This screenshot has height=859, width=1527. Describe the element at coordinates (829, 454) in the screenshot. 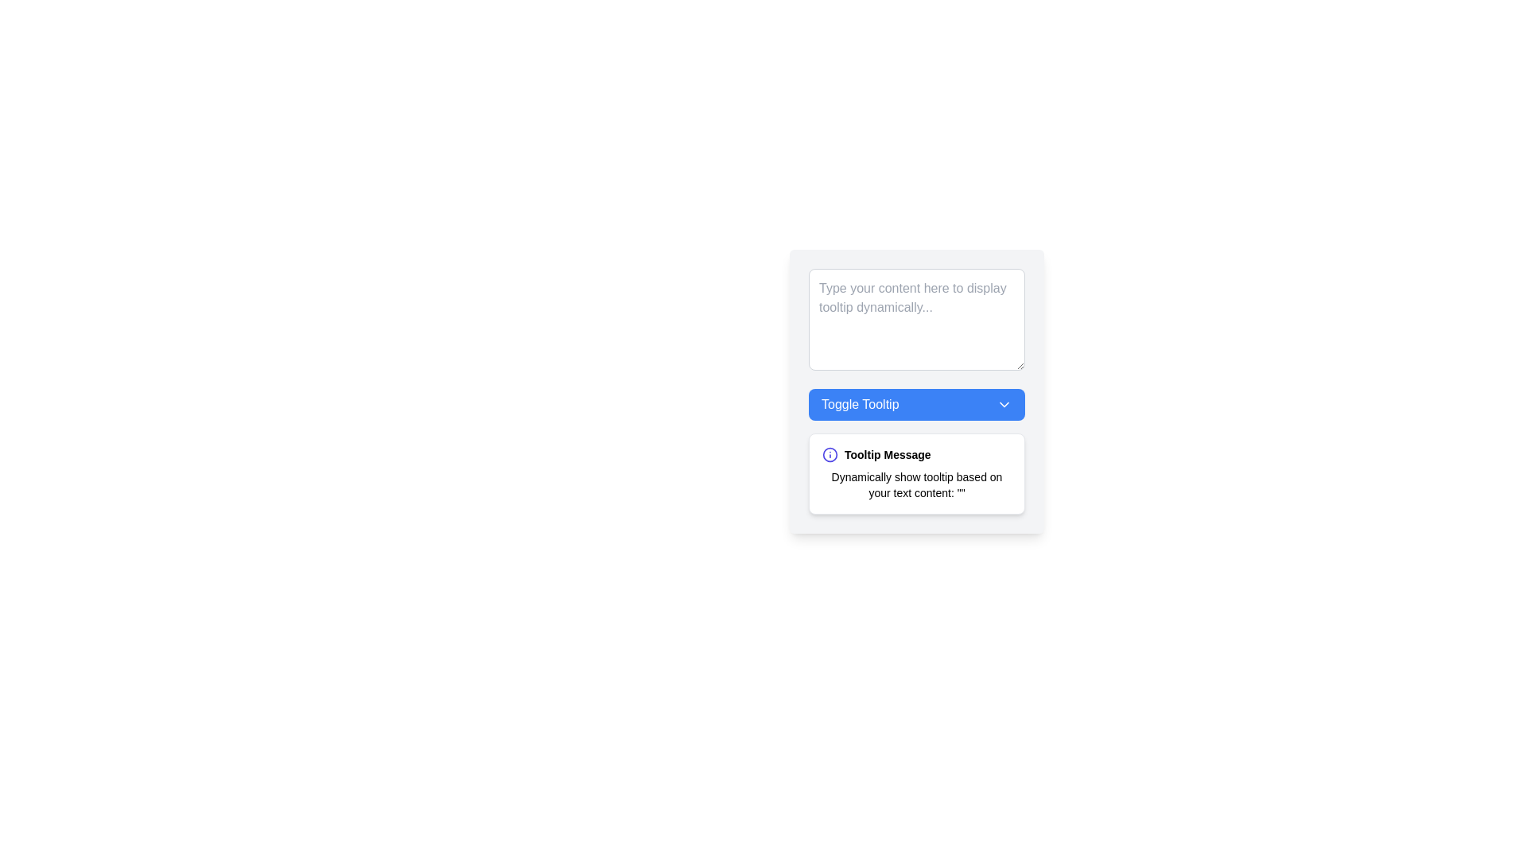

I see `the information icon that indicates additional details, which is positioned to the left of the 'Tooltip Message' text` at that location.